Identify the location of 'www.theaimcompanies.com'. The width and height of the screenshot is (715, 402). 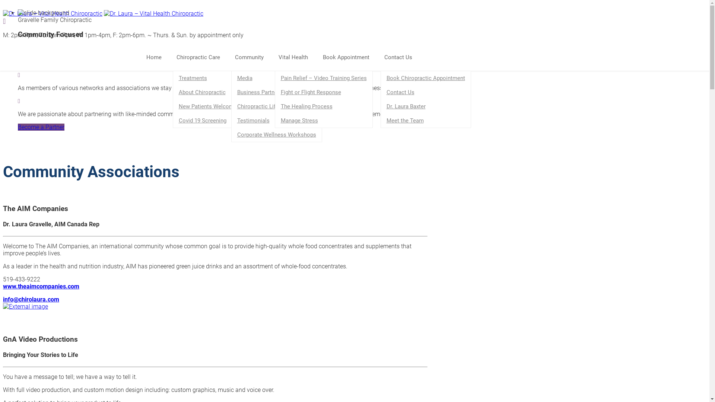
(41, 286).